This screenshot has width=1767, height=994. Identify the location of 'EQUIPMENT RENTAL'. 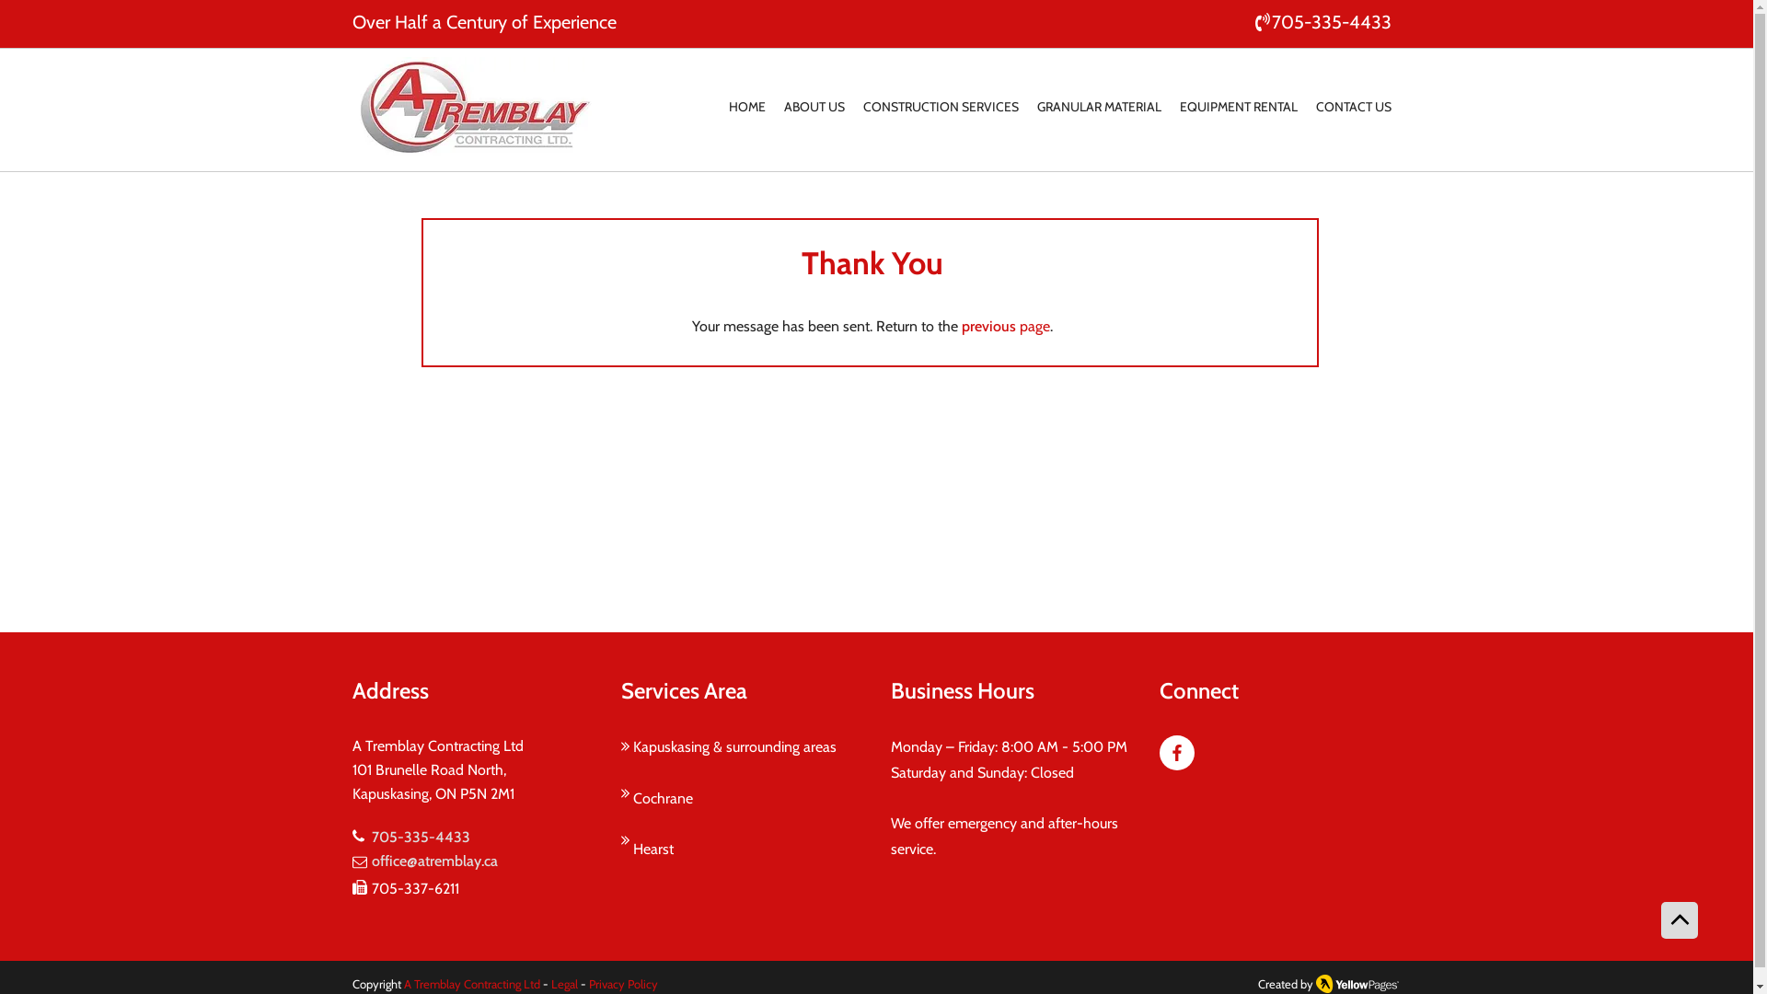
(1238, 108).